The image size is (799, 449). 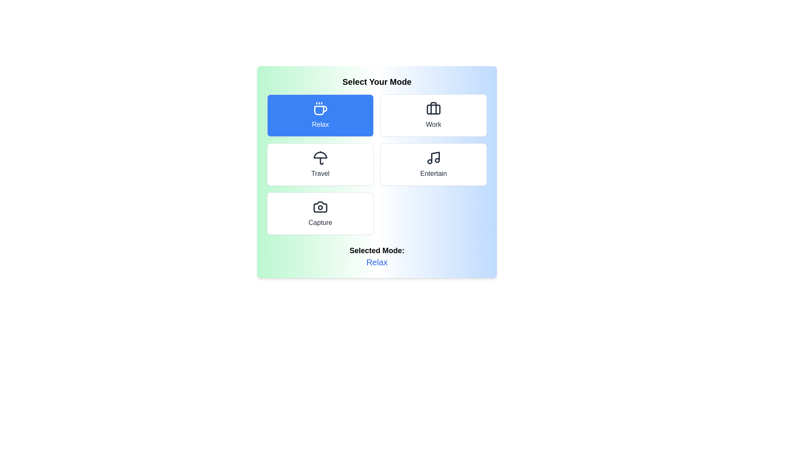 What do you see at coordinates (320, 115) in the screenshot?
I see `the mode button corresponding to Relax` at bounding box center [320, 115].